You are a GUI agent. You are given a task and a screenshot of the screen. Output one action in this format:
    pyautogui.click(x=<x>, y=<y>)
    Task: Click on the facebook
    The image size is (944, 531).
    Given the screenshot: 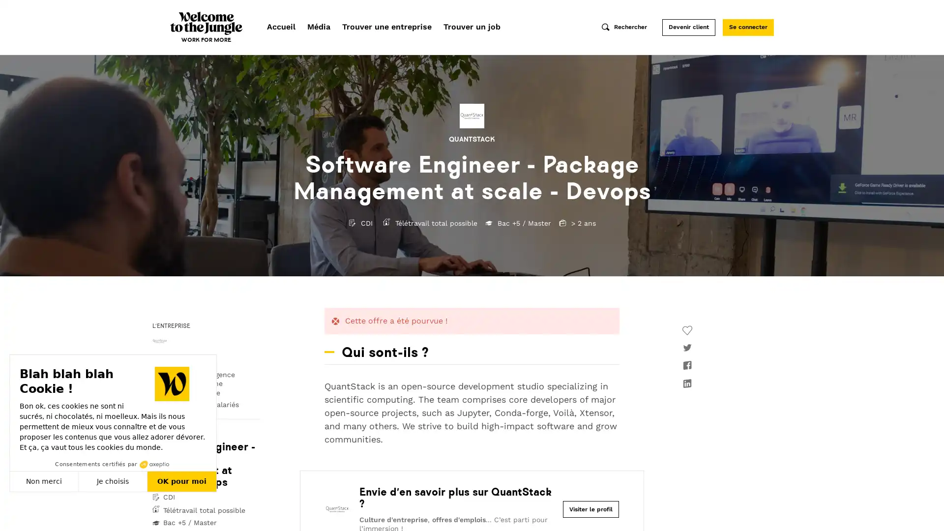 What is the action you would take?
    pyautogui.click(x=686, y=366)
    